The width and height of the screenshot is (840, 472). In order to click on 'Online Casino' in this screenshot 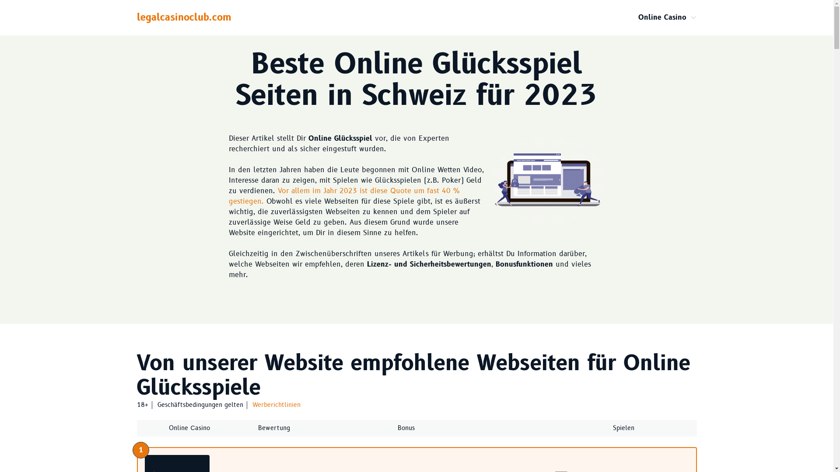, I will do `click(661, 17)`.